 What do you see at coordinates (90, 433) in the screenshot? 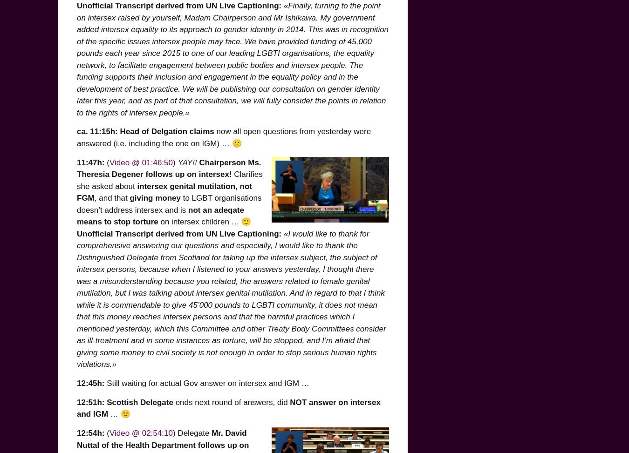
I see `'12:54h:'` at bounding box center [90, 433].